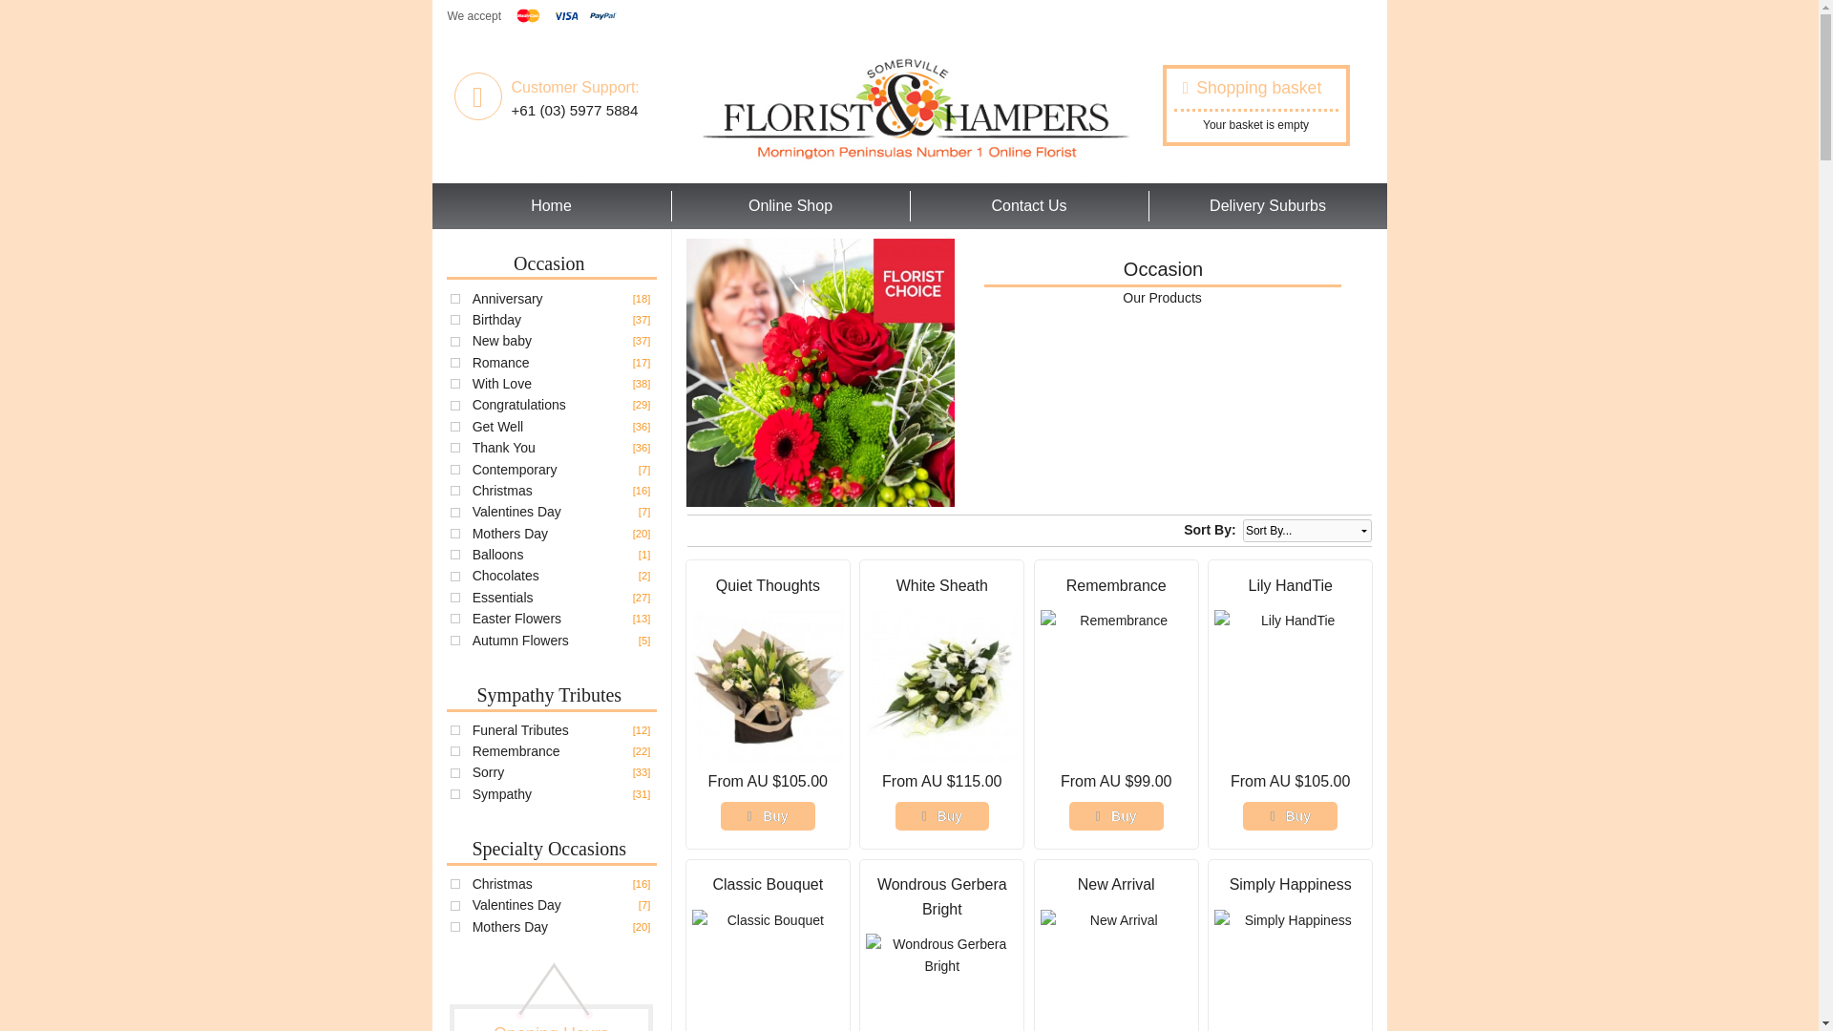  What do you see at coordinates (472, 363) in the screenshot?
I see `'Romance` at bounding box center [472, 363].